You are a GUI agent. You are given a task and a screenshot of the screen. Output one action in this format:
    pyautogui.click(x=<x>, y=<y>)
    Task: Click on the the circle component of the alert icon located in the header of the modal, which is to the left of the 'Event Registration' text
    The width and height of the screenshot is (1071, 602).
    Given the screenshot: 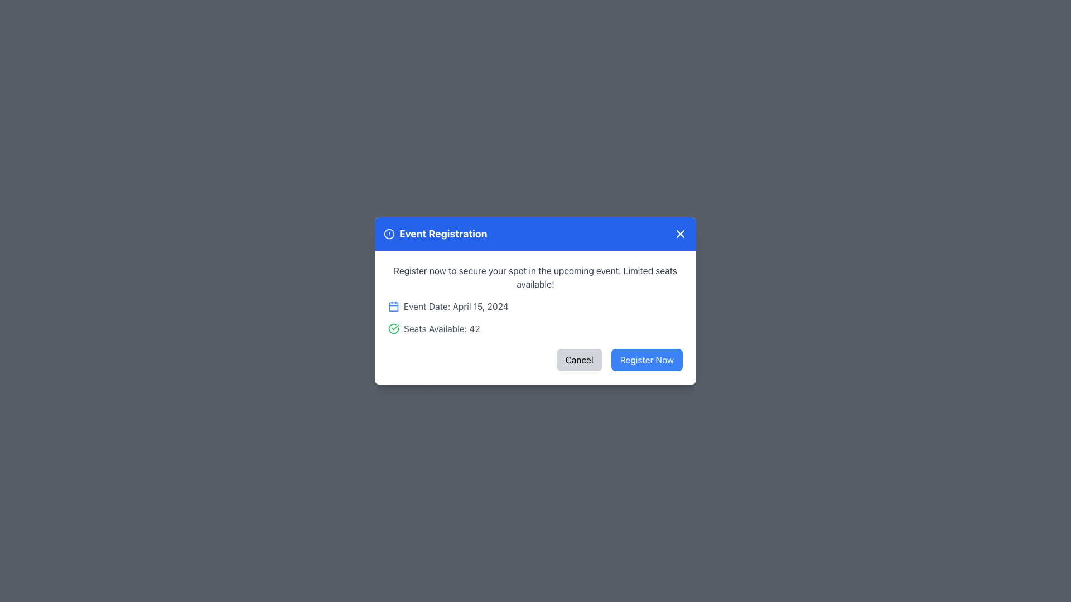 What is the action you would take?
    pyautogui.click(x=389, y=234)
    